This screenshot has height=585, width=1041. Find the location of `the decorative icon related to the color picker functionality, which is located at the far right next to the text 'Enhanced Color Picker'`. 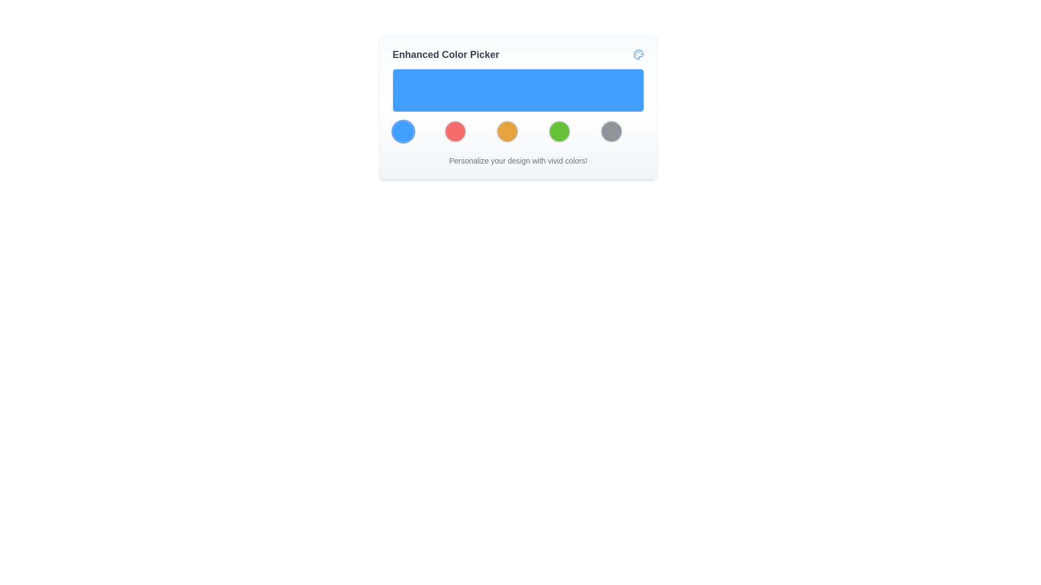

the decorative icon related to the color picker functionality, which is located at the far right next to the text 'Enhanced Color Picker' is located at coordinates (638, 54).